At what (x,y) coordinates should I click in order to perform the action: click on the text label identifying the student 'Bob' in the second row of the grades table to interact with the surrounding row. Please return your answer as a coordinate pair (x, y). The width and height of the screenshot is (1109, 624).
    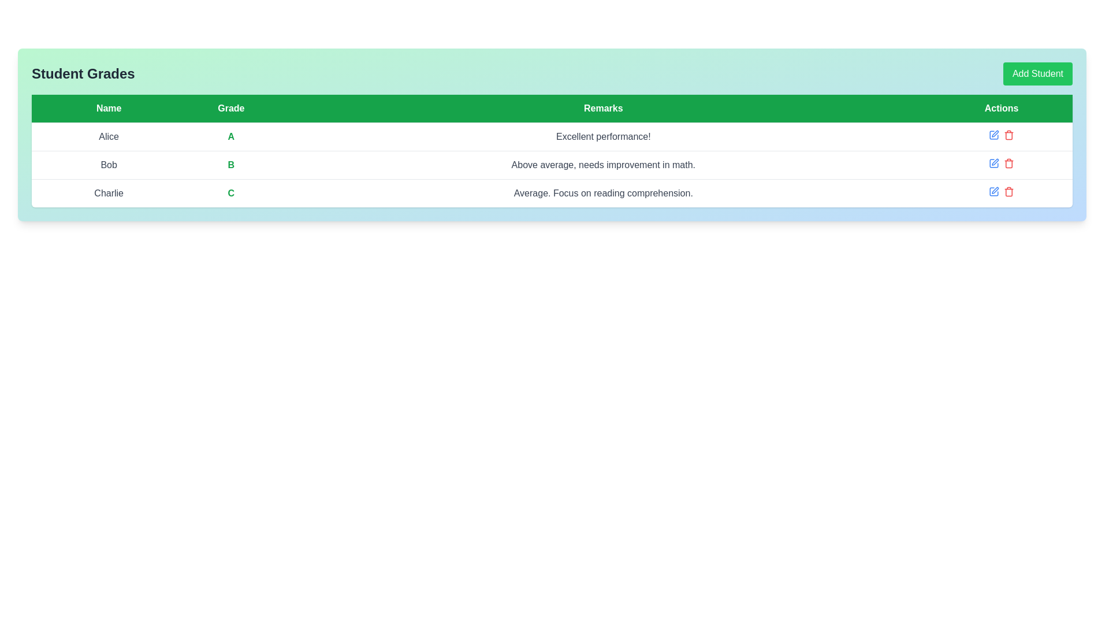
    Looking at the image, I should click on (109, 165).